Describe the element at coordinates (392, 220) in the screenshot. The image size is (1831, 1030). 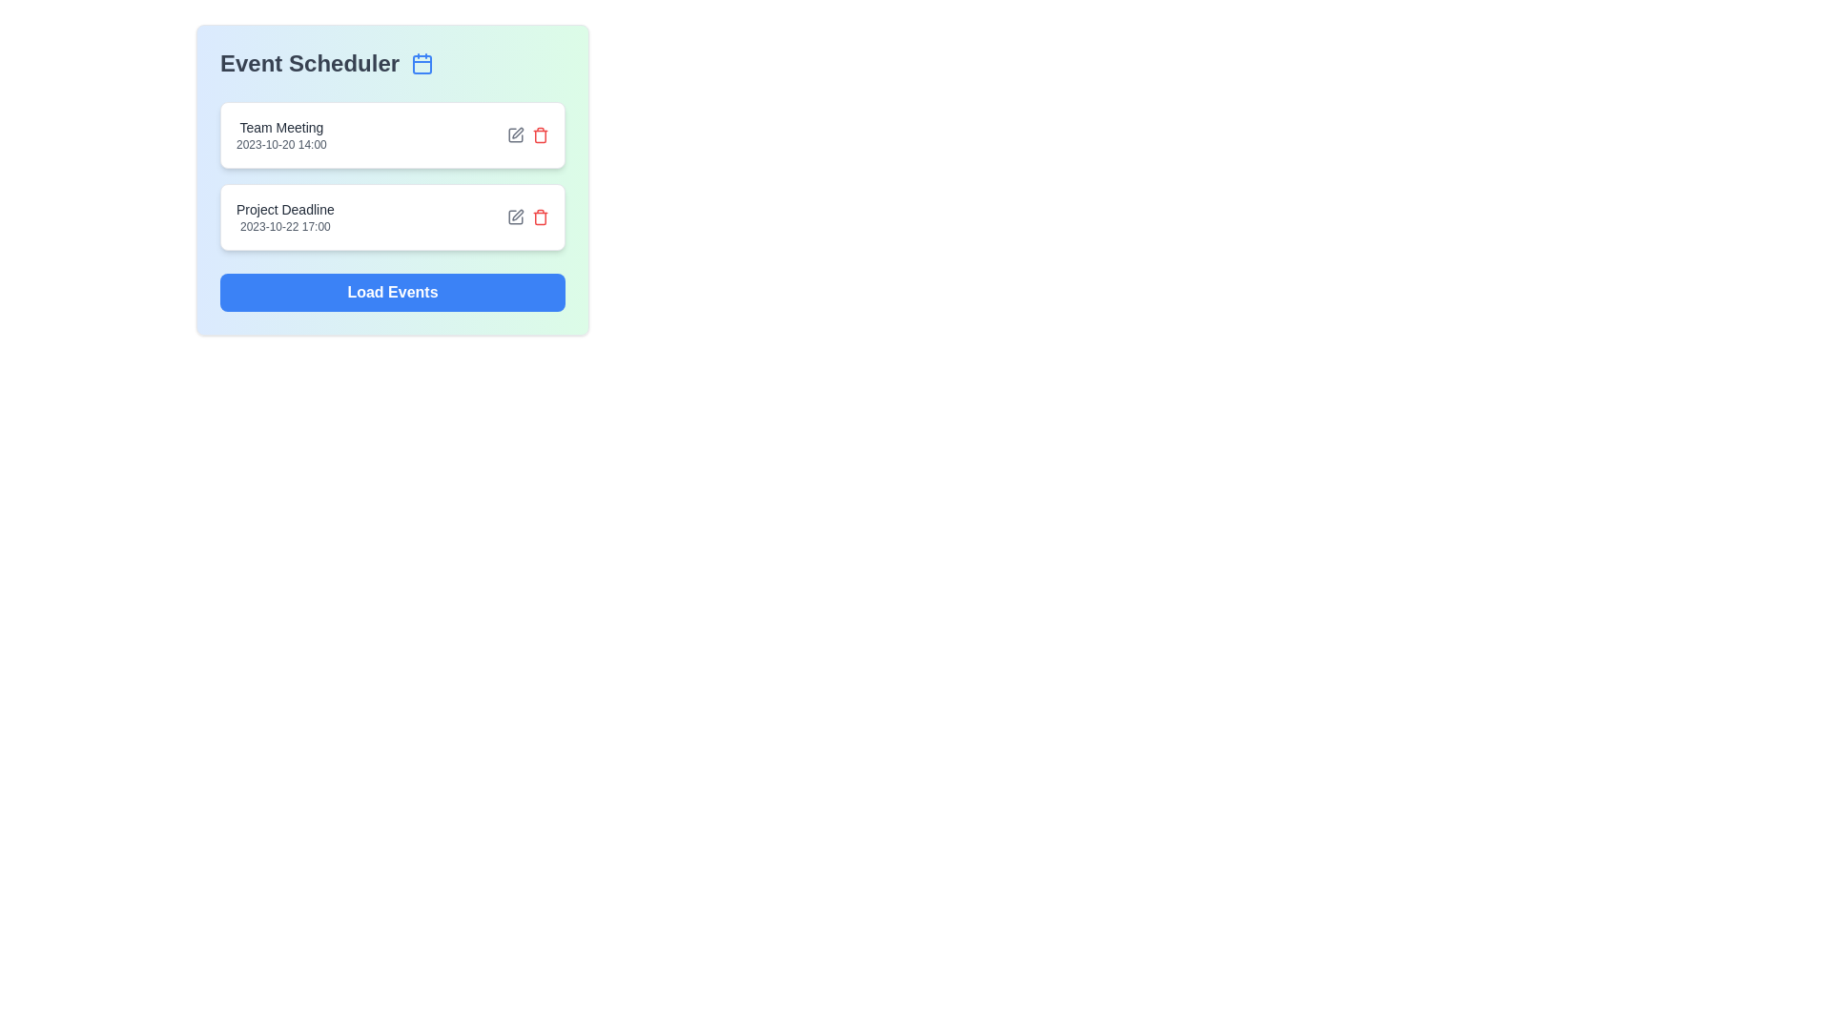
I see `the displayed events within the event scheduler interface, specifically targeting the highlighted second event located between the 'Team Meeting' entry and the 'Load Events' button` at that location.